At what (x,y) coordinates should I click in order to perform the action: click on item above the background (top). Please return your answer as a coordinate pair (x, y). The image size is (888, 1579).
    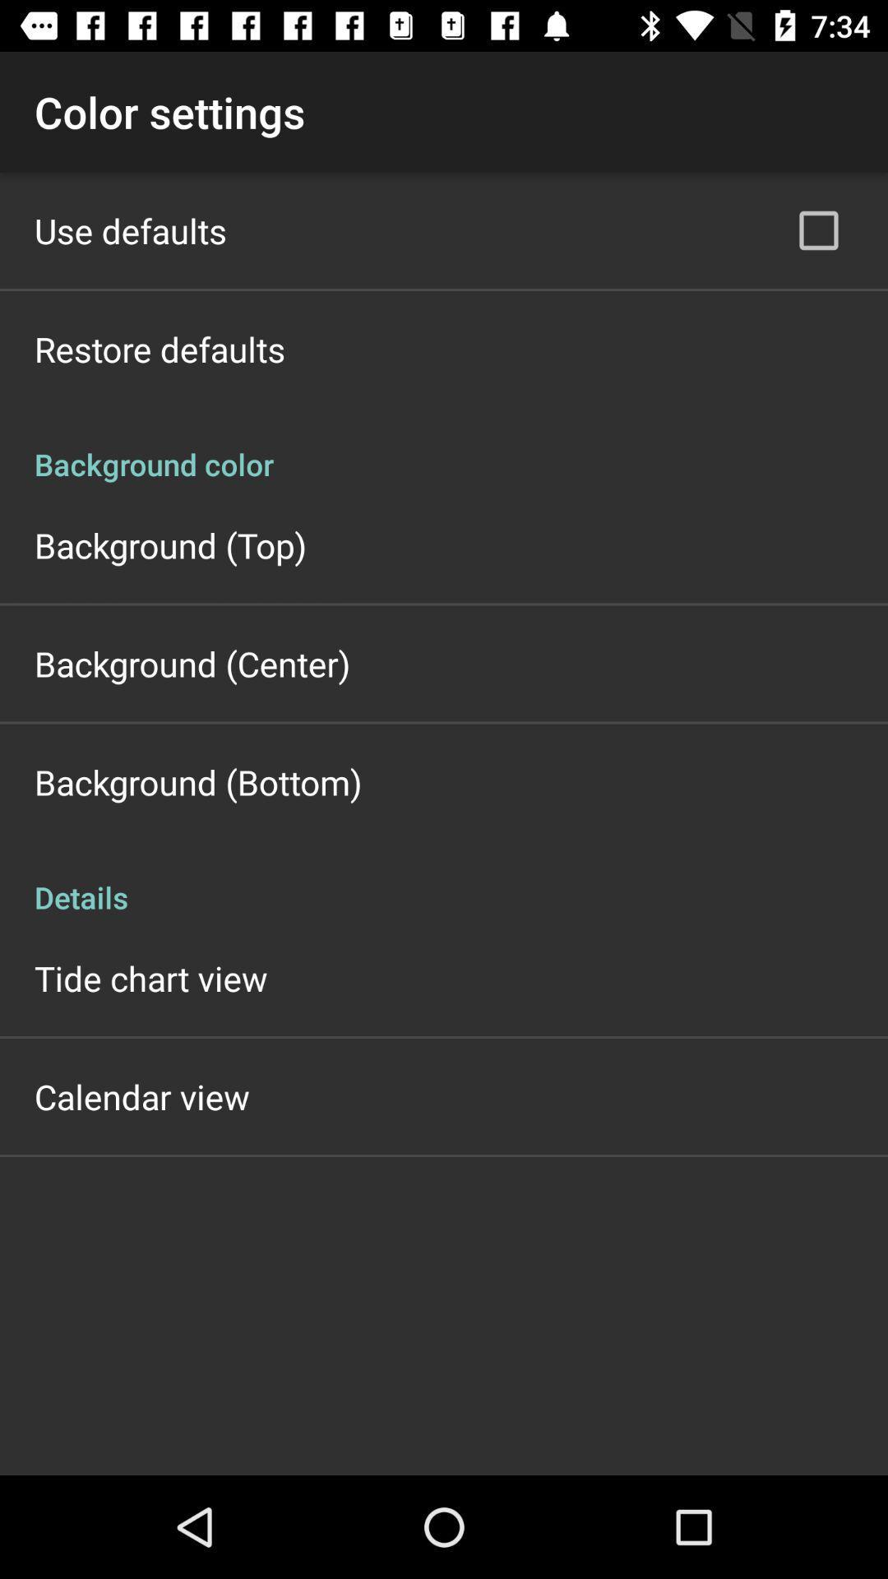
    Looking at the image, I should click on (444, 447).